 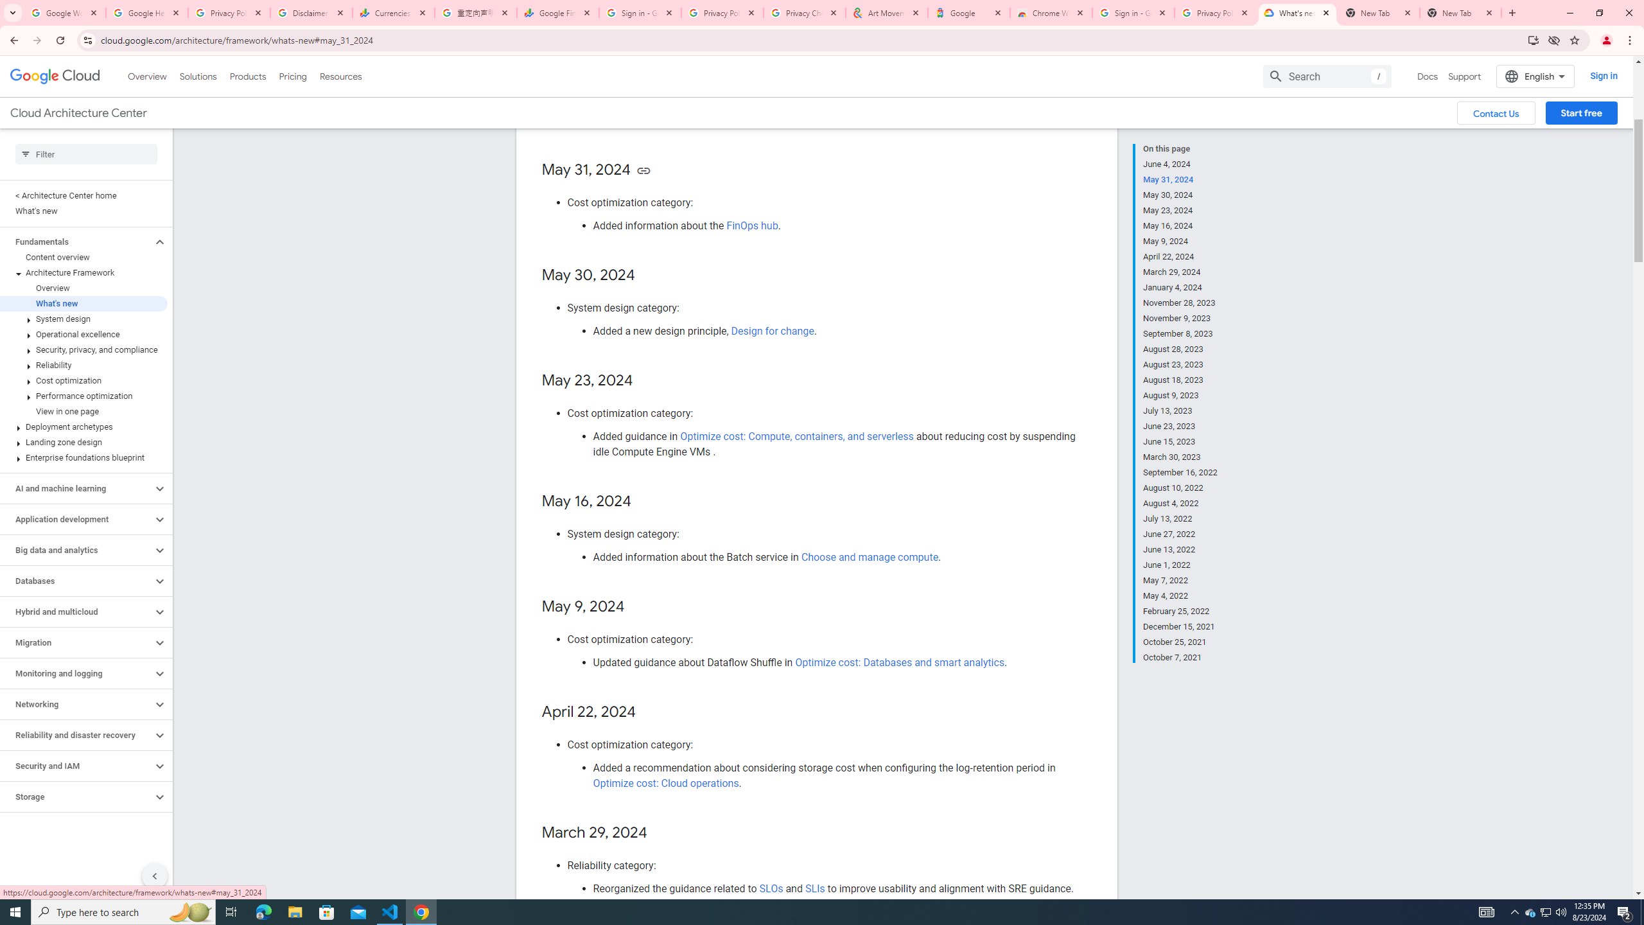 What do you see at coordinates (1180, 179) in the screenshot?
I see `'May 31, 2024'` at bounding box center [1180, 179].